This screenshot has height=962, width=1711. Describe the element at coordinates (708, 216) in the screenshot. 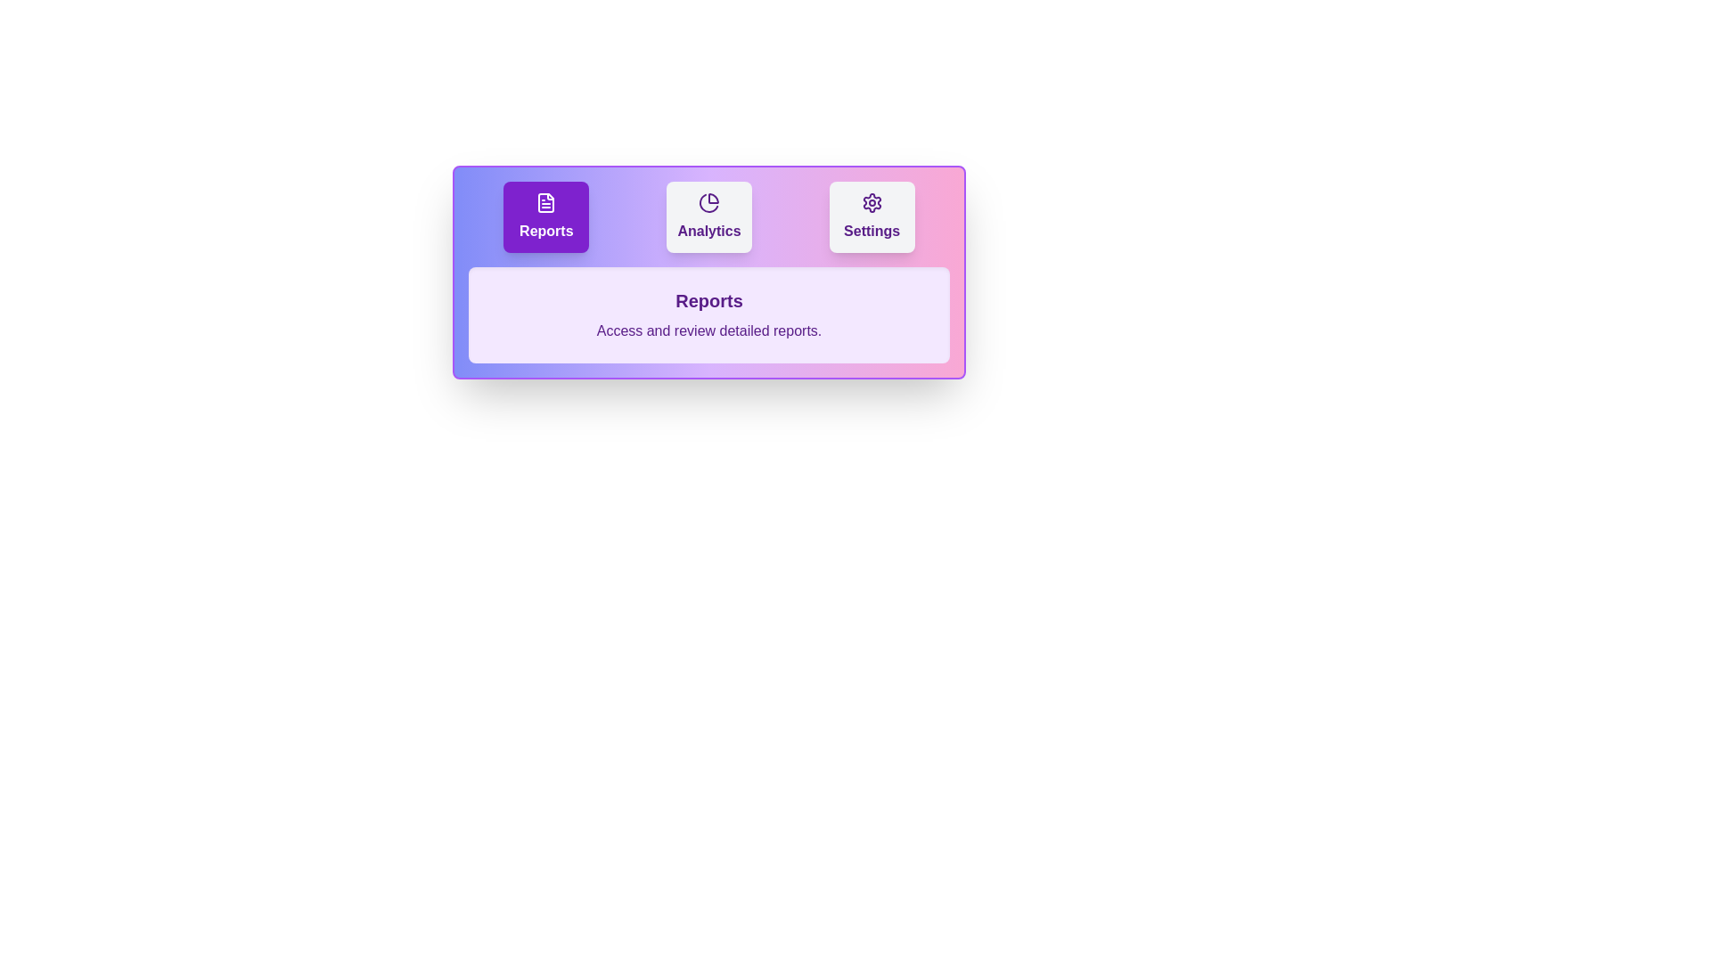

I see `the button labeled 'Analytics' to observe its hover effect` at that location.